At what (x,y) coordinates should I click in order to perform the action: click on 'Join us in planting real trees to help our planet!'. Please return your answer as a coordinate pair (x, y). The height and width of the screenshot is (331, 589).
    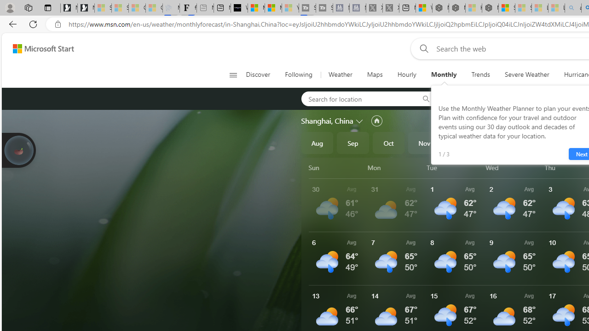
    Looking at the image, I should click on (18, 149).